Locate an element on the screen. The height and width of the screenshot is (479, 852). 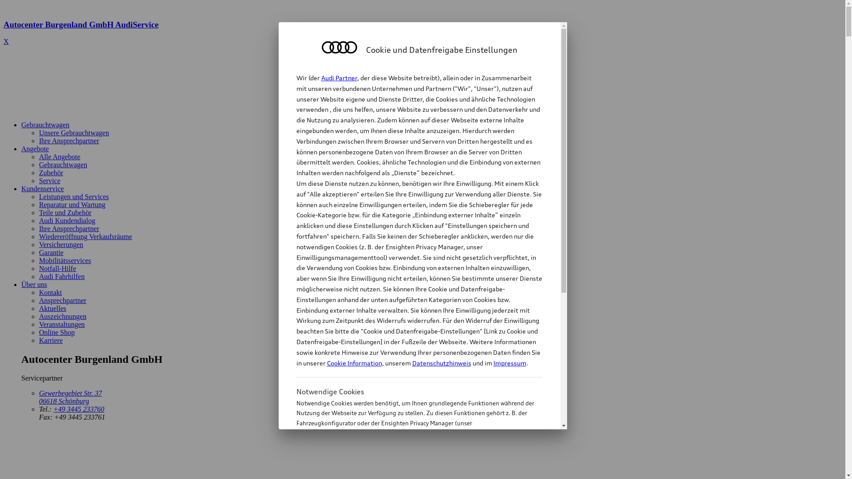
'Angebote' is located at coordinates (35, 148).